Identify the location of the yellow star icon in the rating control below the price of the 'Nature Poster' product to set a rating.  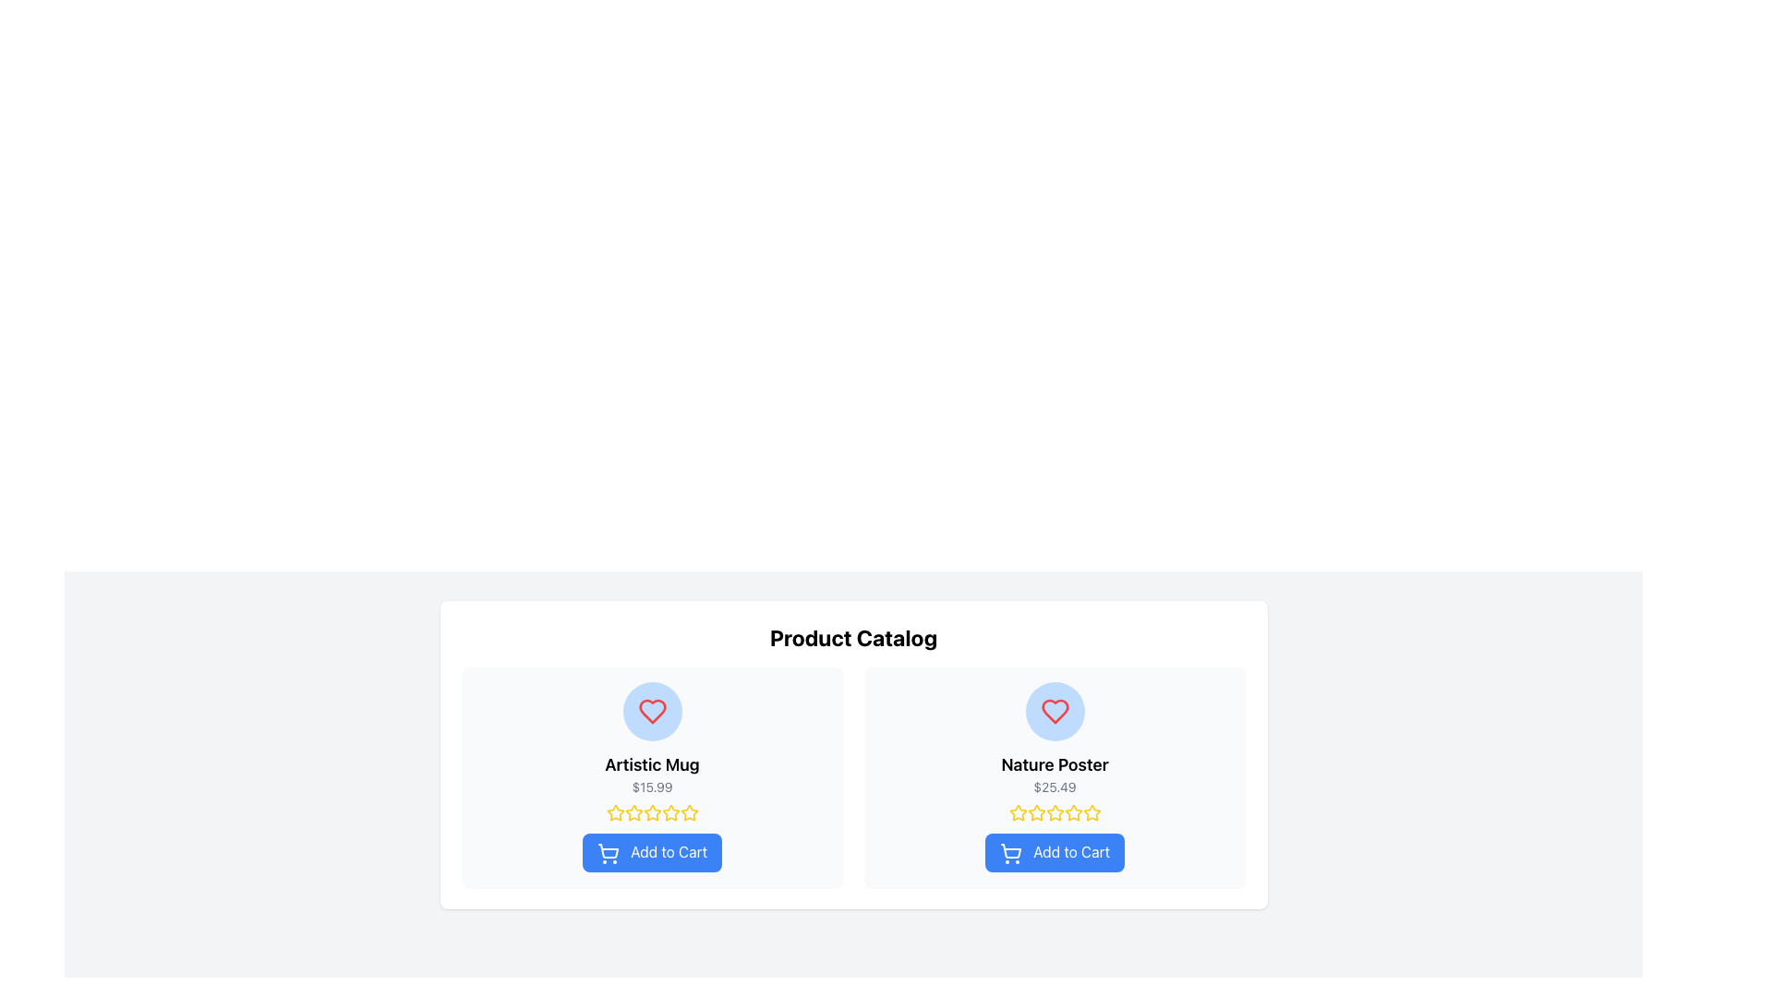
(1055, 811).